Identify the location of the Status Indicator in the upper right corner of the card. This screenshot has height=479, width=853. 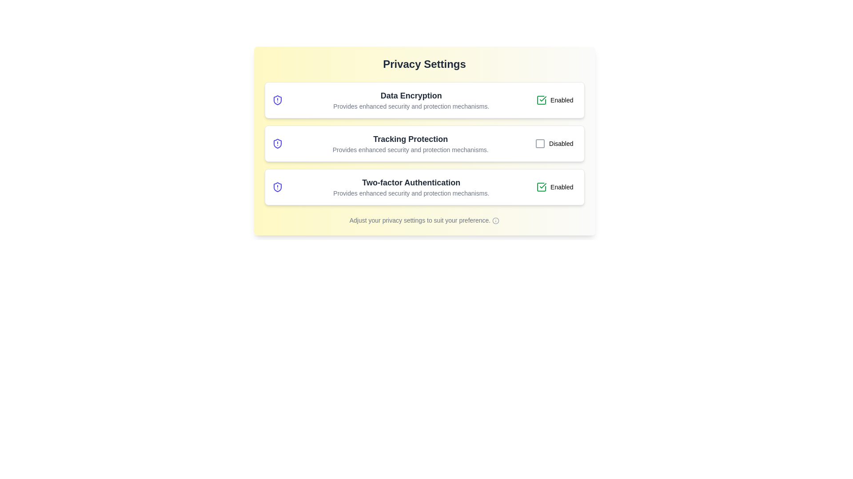
(554, 100).